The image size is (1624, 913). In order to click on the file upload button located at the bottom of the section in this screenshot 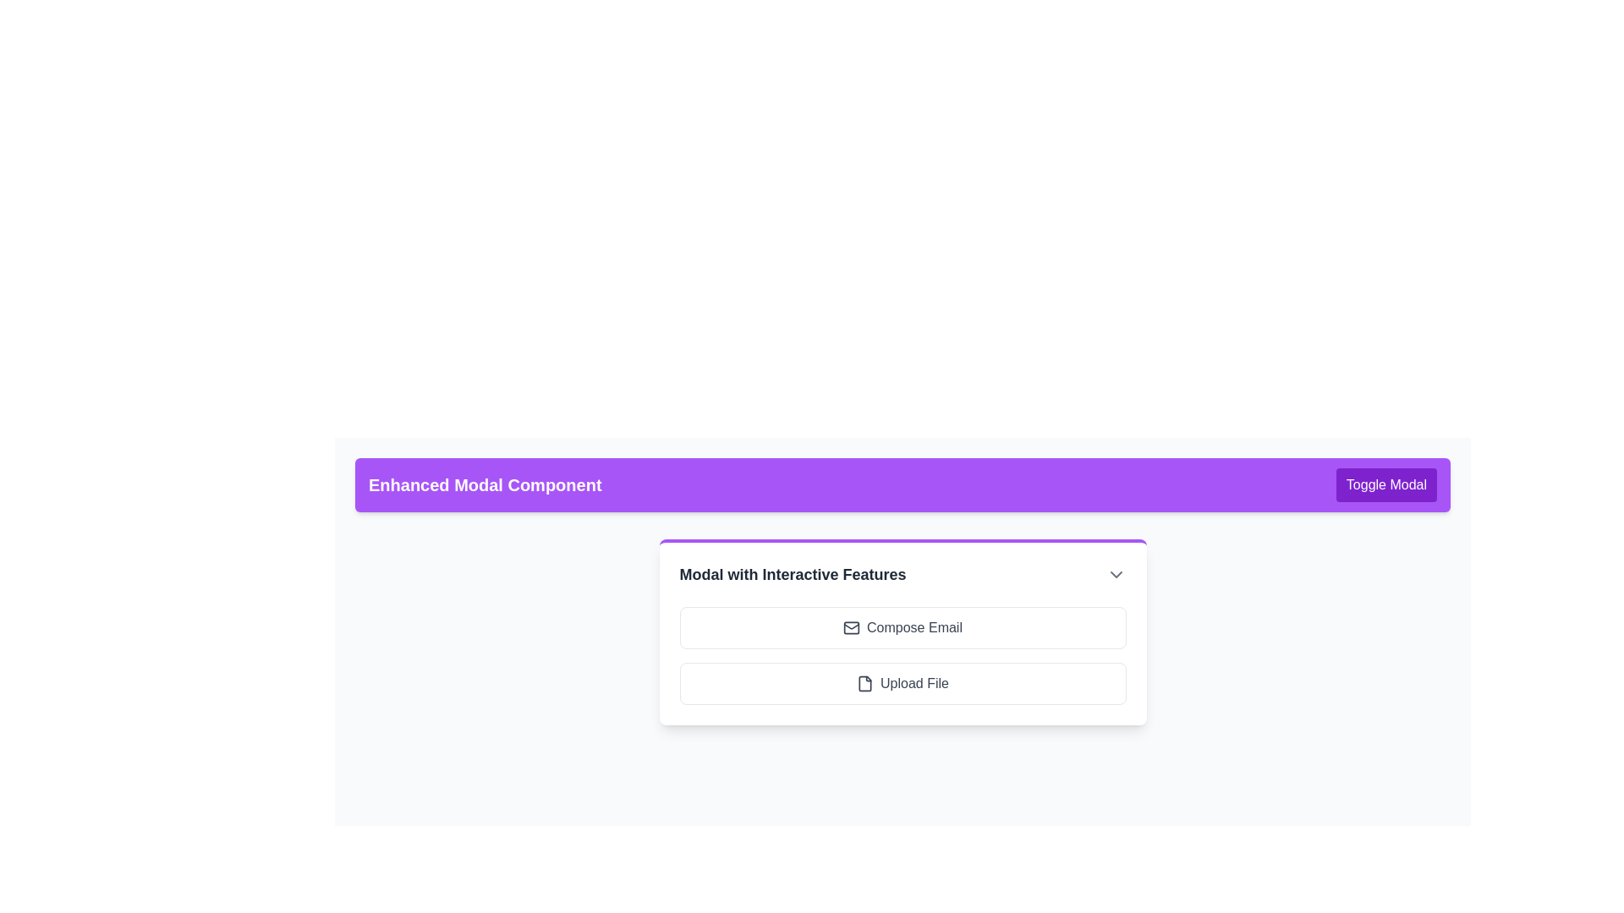, I will do `click(902, 683)`.